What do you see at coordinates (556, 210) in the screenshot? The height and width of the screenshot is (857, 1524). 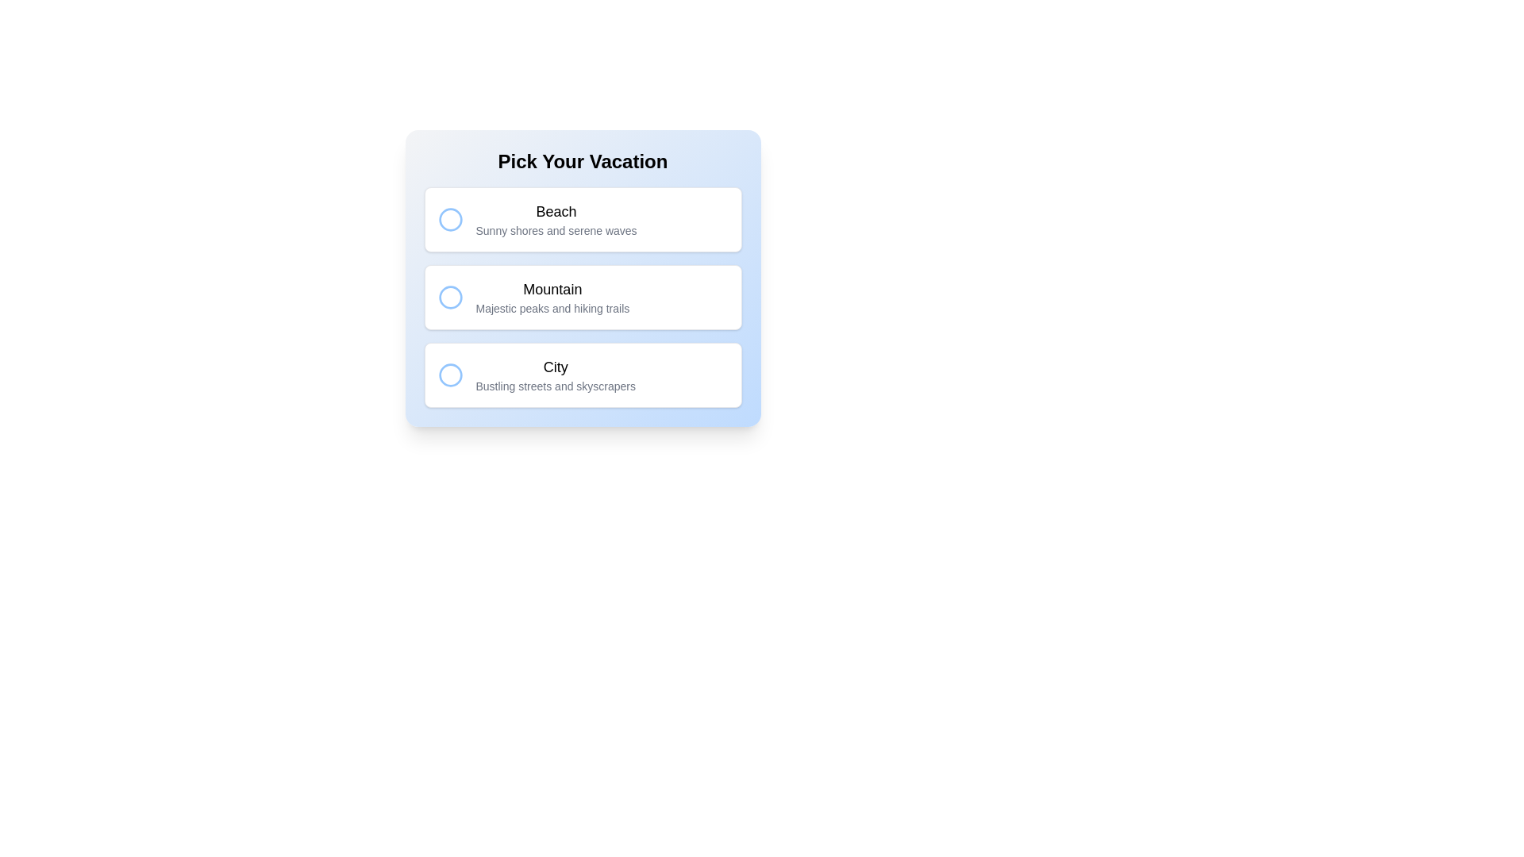 I see `the text element "Beach" which is displayed prominently in a bold font style as the header of its section` at bounding box center [556, 210].